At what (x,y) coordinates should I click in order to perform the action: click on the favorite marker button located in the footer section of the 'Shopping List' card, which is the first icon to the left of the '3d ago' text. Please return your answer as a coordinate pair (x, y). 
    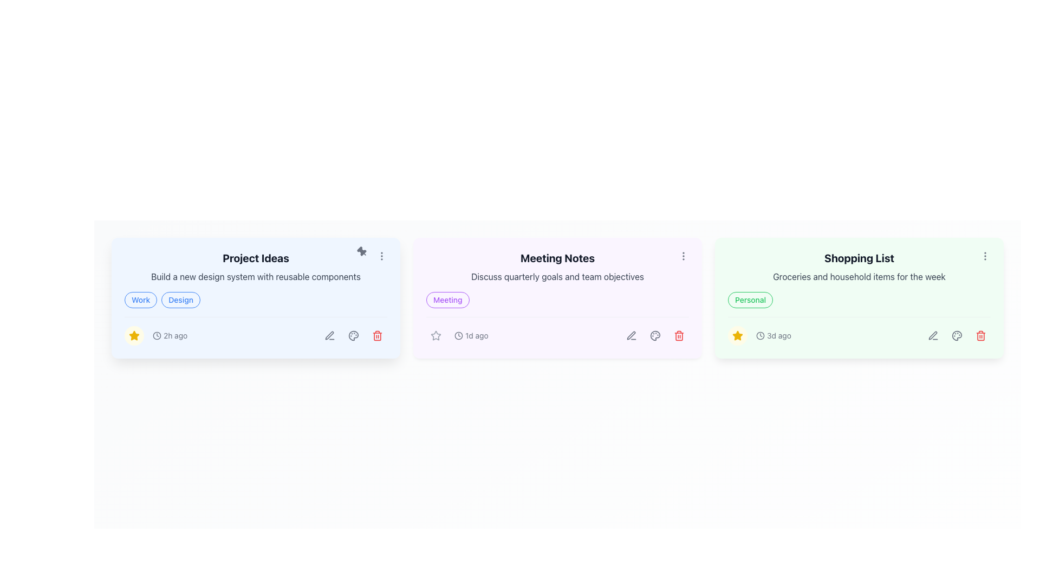
    Looking at the image, I should click on (737, 335).